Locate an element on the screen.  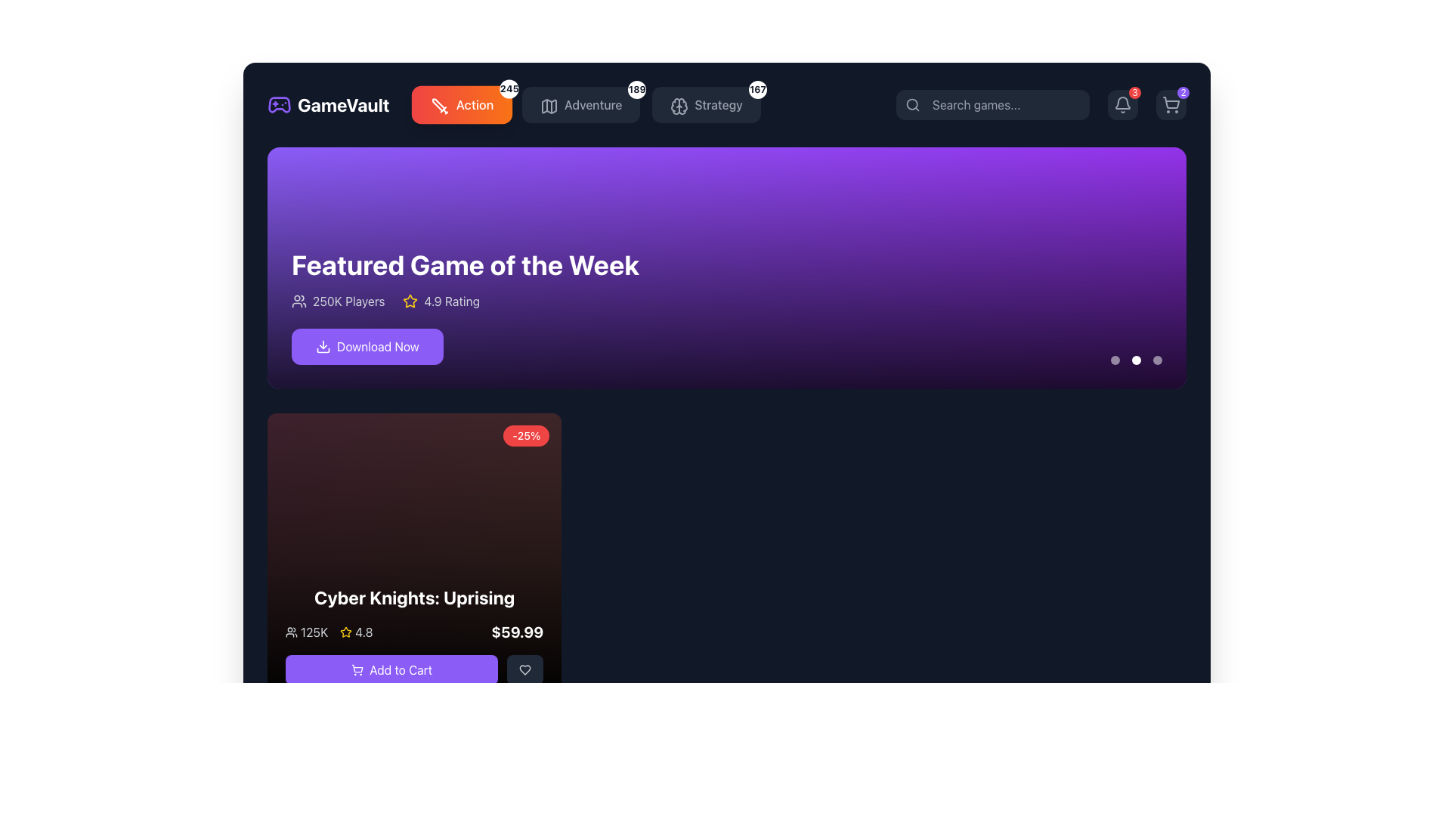
the purple gamepad icon next to the bold white text 'GameVault' in the navigation bar is located at coordinates (327, 104).